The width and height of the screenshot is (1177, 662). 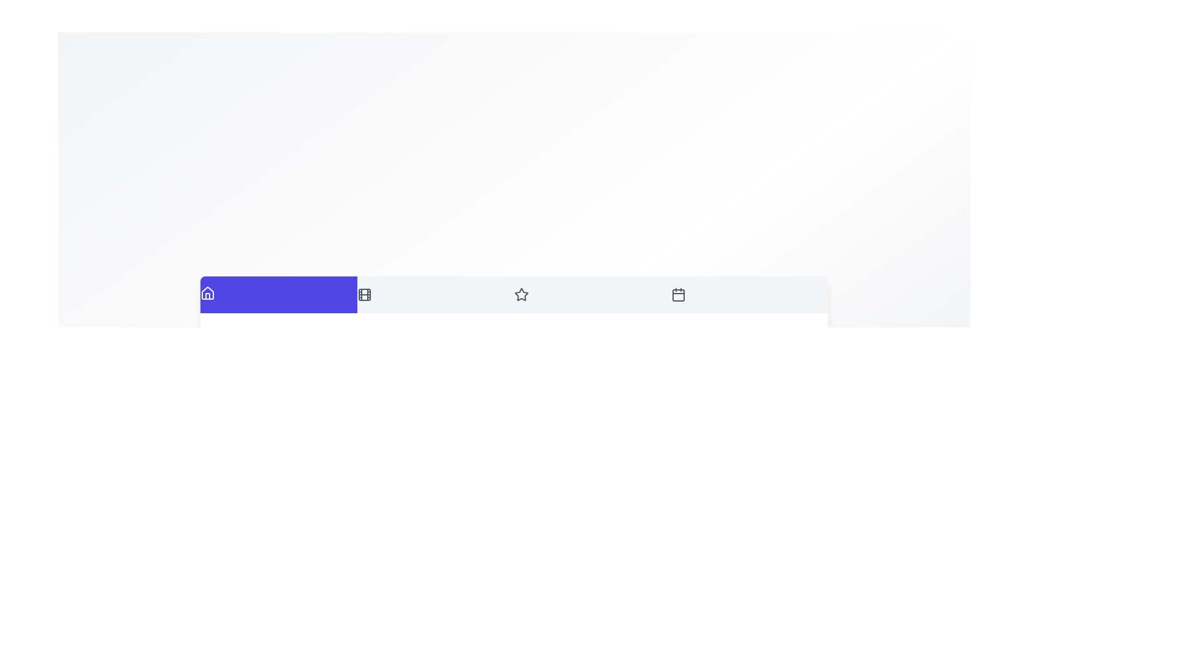 I want to click on the calendar icon located at the bottom of the interface, which is the third icon from the right, next to a star-shaped icon on its left, so click(x=678, y=295).